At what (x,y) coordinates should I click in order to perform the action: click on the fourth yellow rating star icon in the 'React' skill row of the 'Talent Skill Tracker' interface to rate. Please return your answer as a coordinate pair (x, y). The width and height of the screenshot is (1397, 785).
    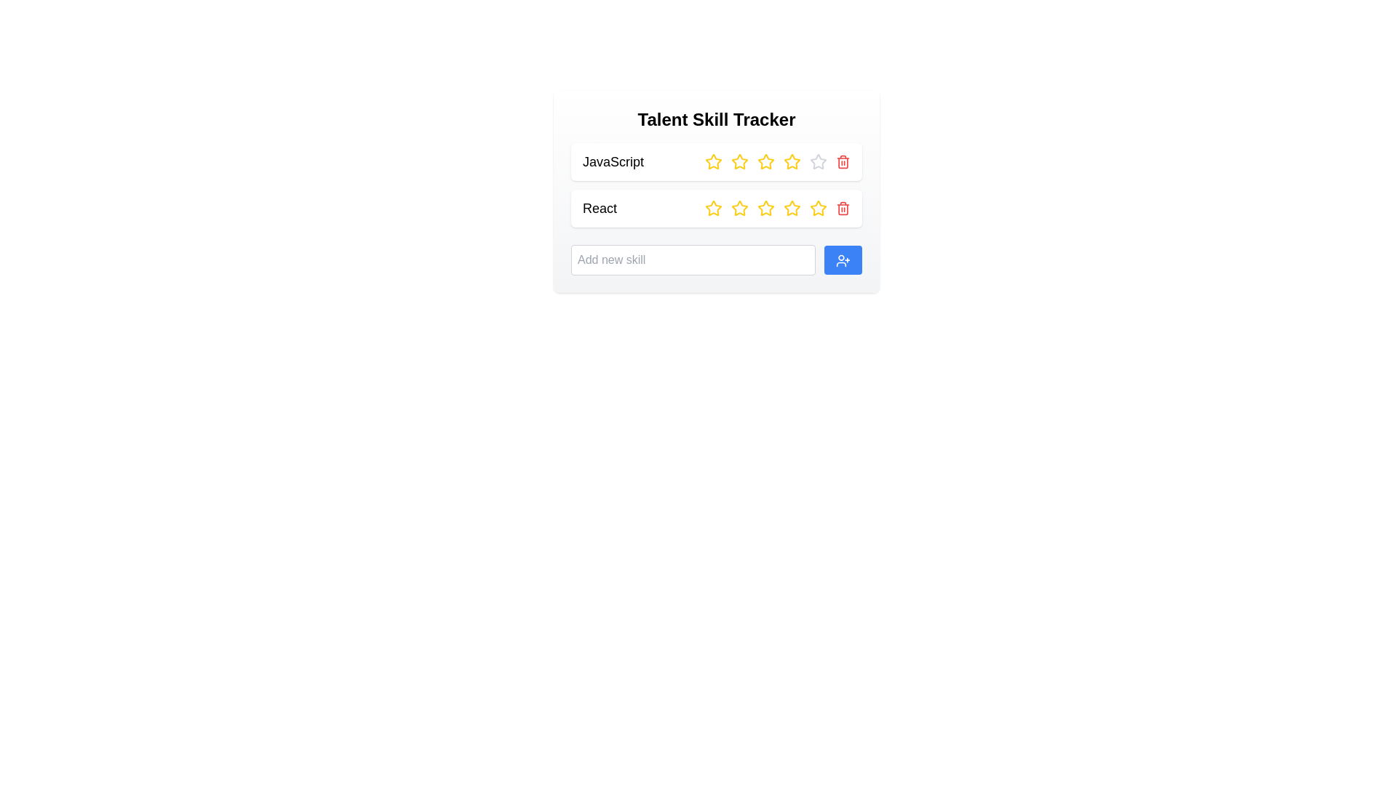
    Looking at the image, I should click on (818, 208).